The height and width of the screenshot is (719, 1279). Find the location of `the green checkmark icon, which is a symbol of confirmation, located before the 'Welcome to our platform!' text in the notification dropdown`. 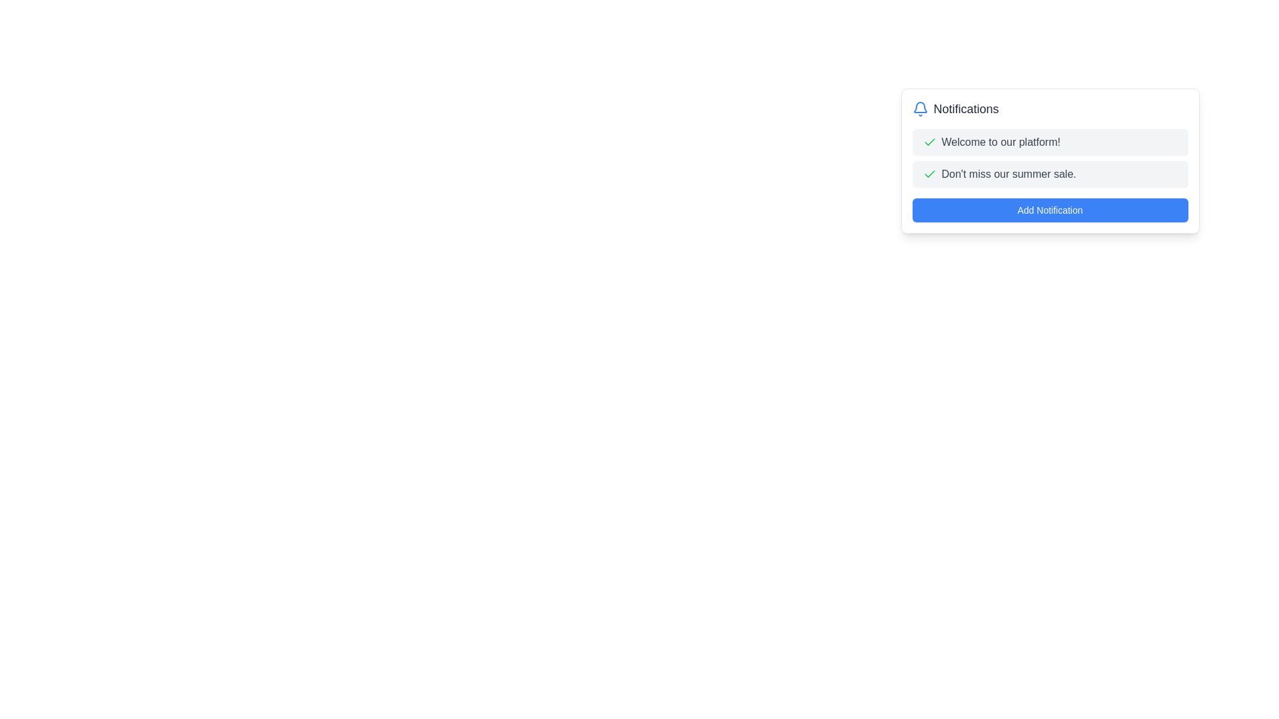

the green checkmark icon, which is a symbol of confirmation, located before the 'Welcome to our platform!' text in the notification dropdown is located at coordinates (929, 142).